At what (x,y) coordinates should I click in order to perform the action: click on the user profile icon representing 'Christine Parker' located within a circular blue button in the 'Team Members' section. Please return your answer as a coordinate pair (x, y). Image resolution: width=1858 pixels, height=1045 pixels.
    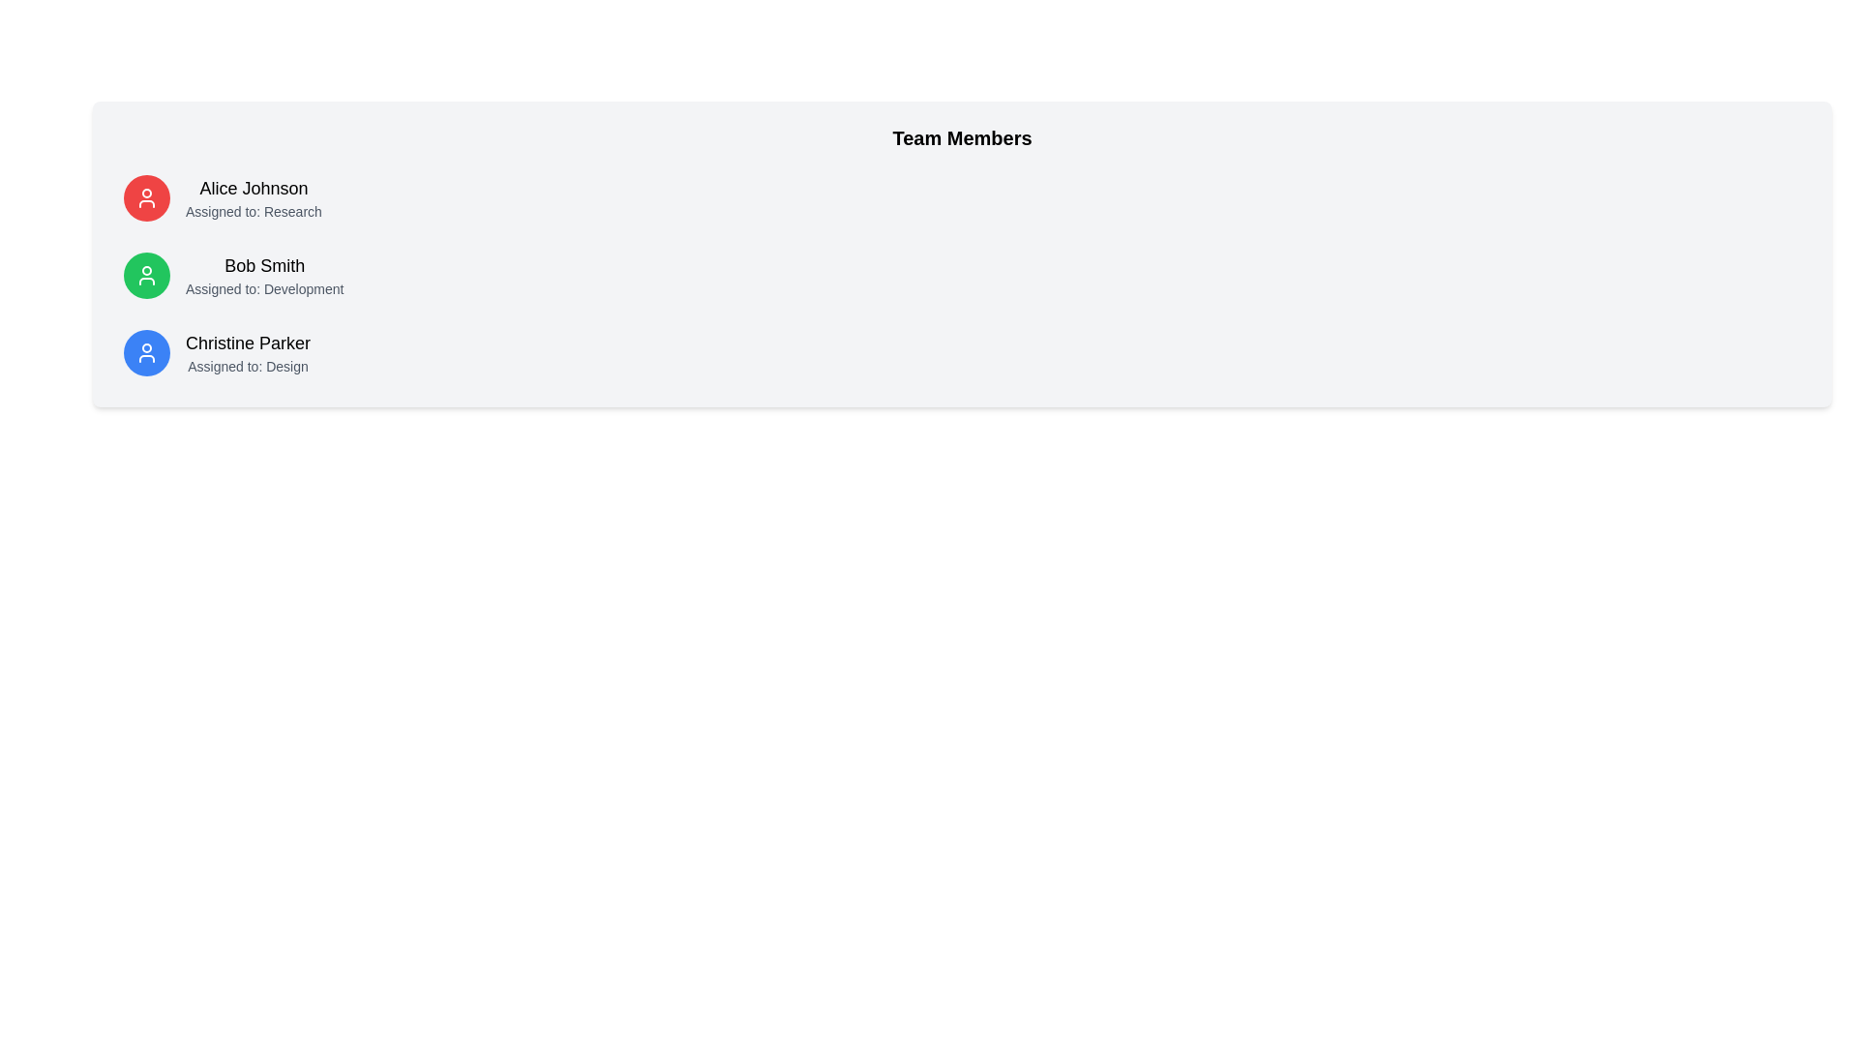
    Looking at the image, I should click on (146, 353).